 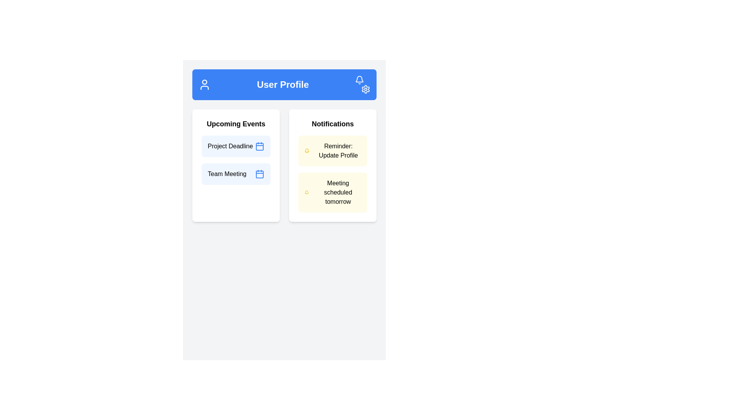 What do you see at coordinates (338, 151) in the screenshot?
I see `the text element displaying the message 'Reminder: Update Profile' within the Notifications section of the User Profile interface` at bounding box center [338, 151].